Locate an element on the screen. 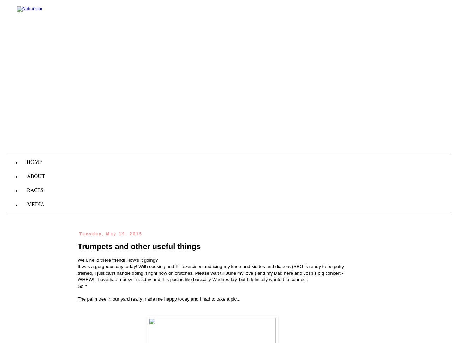 The width and height of the screenshot is (453, 343). 'So hi!' is located at coordinates (77, 286).